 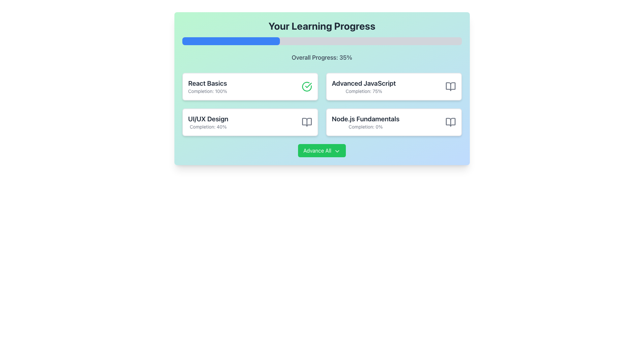 What do you see at coordinates (392, 41) in the screenshot?
I see `progress` at bounding box center [392, 41].